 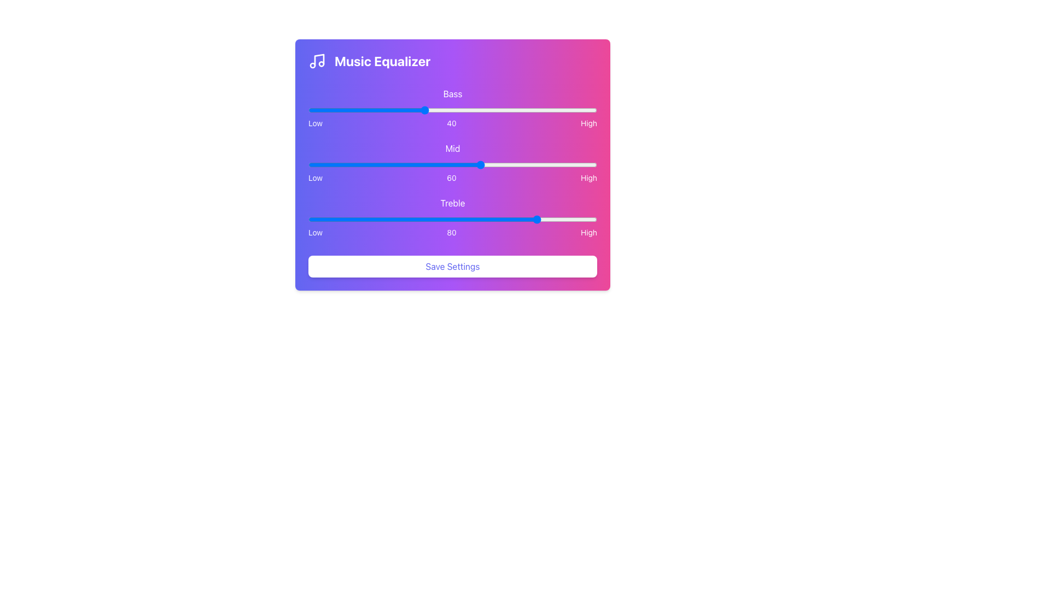 What do you see at coordinates (314, 178) in the screenshot?
I see `the text label displaying 'Low', which is styled with white text on a light purple background and positioned to the left of the number '60' and label 'High'` at bounding box center [314, 178].